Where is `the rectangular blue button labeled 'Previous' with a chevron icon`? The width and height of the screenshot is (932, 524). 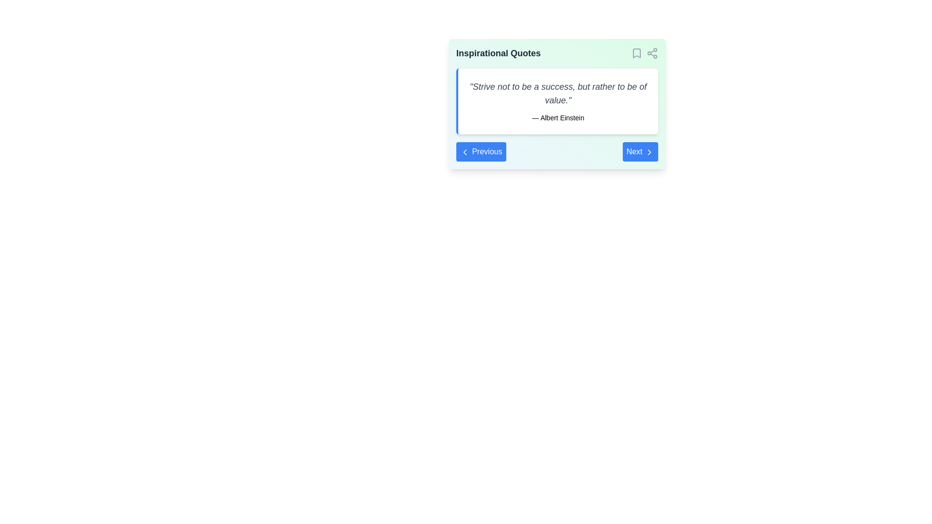 the rectangular blue button labeled 'Previous' with a chevron icon is located at coordinates (481, 151).